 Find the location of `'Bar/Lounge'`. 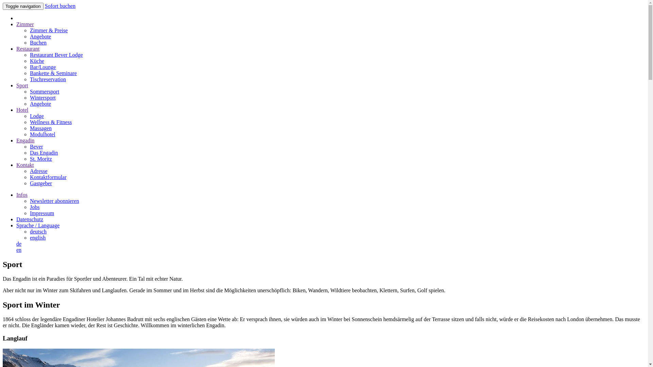

'Bar/Lounge' is located at coordinates (42, 67).